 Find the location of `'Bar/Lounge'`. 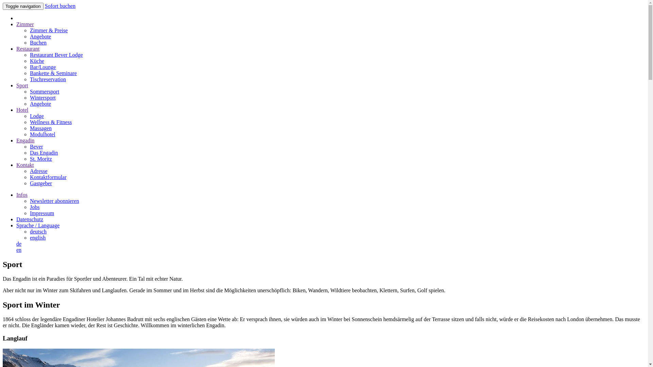

'Bar/Lounge' is located at coordinates (42, 67).